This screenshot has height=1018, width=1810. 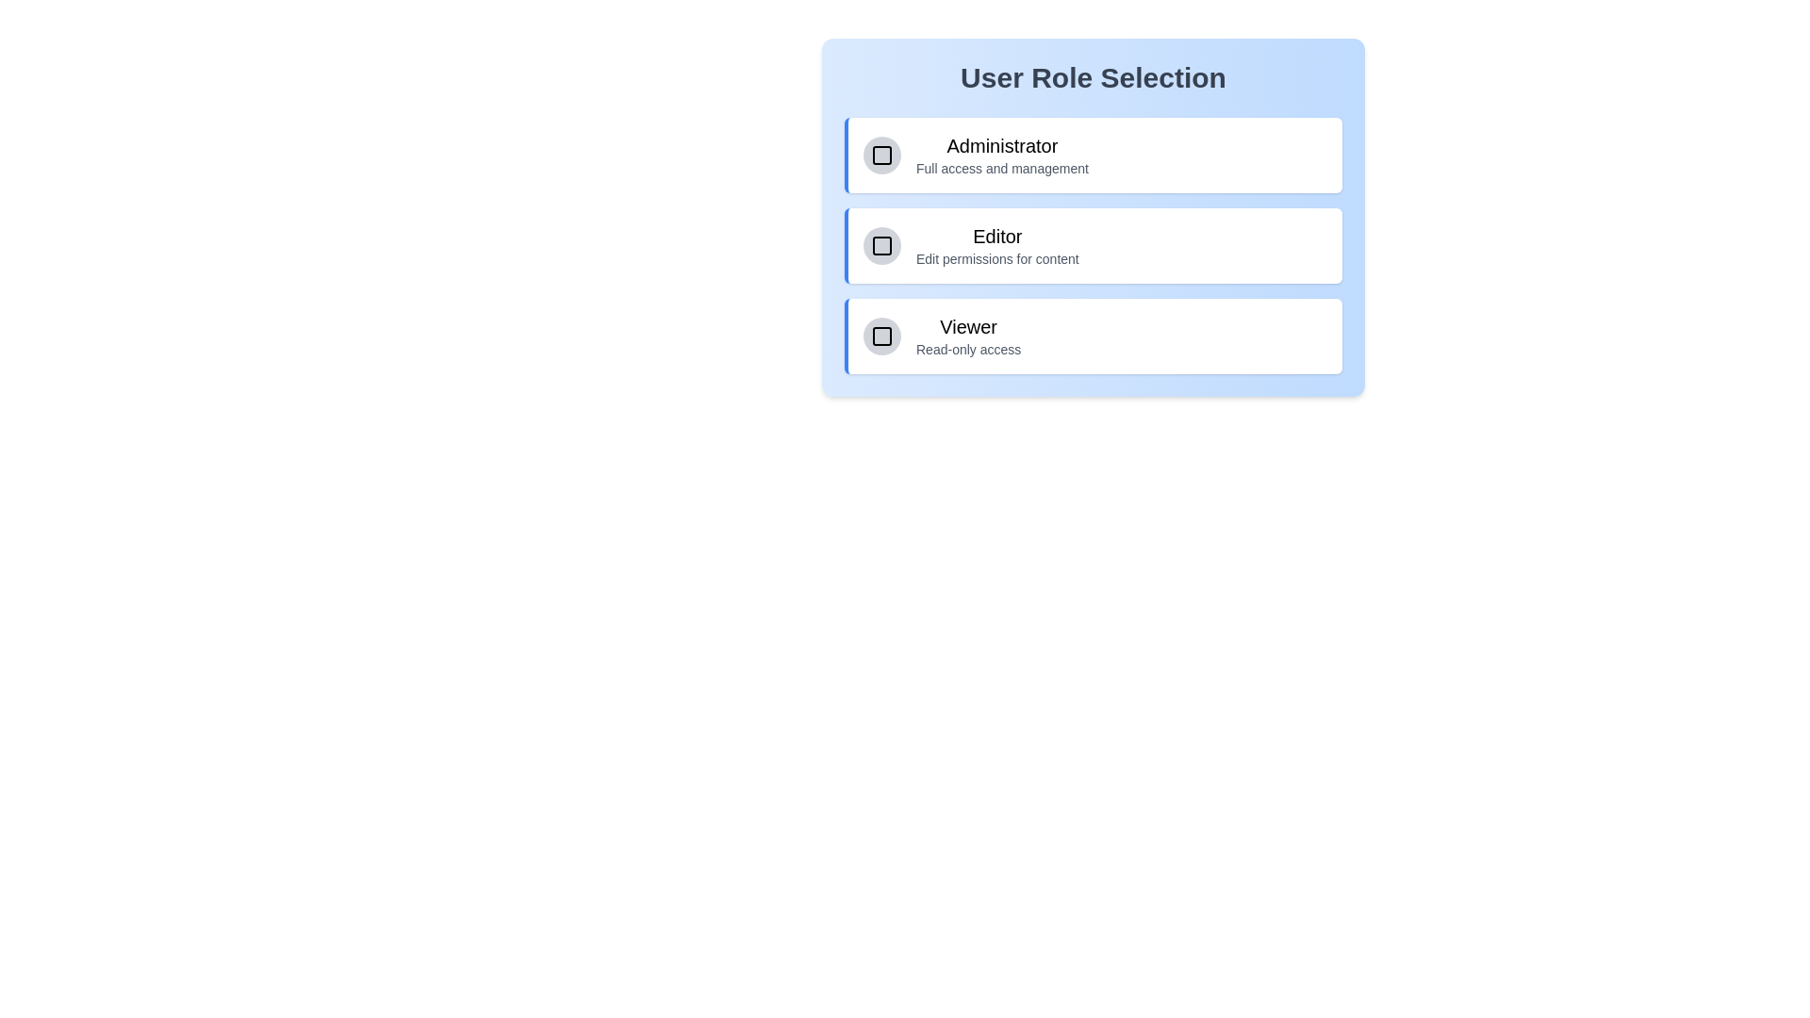 What do you see at coordinates (915, 132) in the screenshot?
I see `the text of the role description for Administrator` at bounding box center [915, 132].